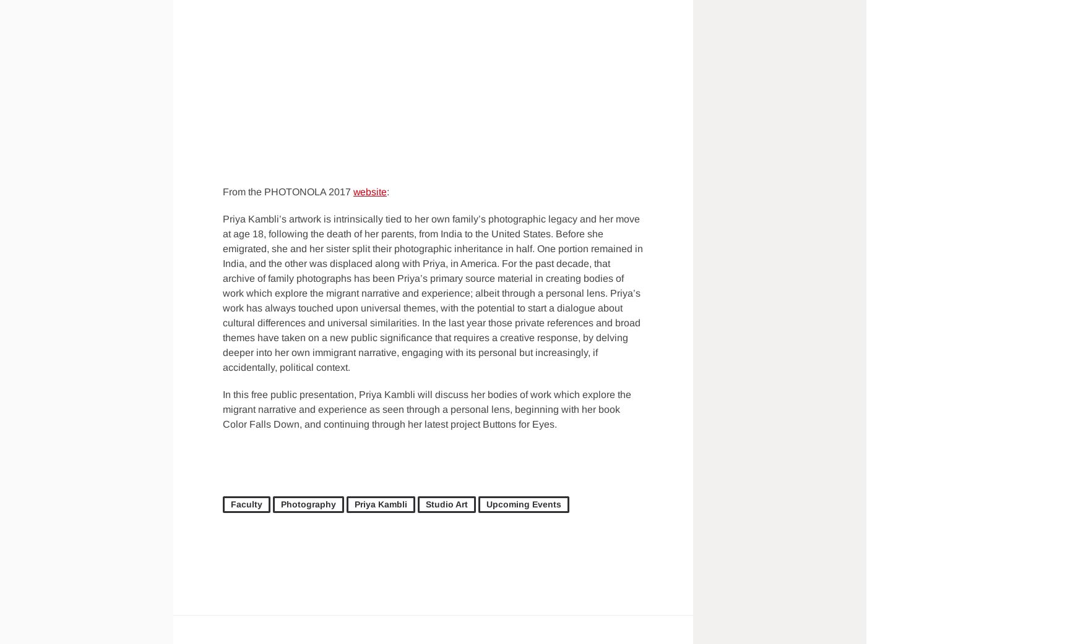  What do you see at coordinates (246, 504) in the screenshot?
I see `'Faculty'` at bounding box center [246, 504].